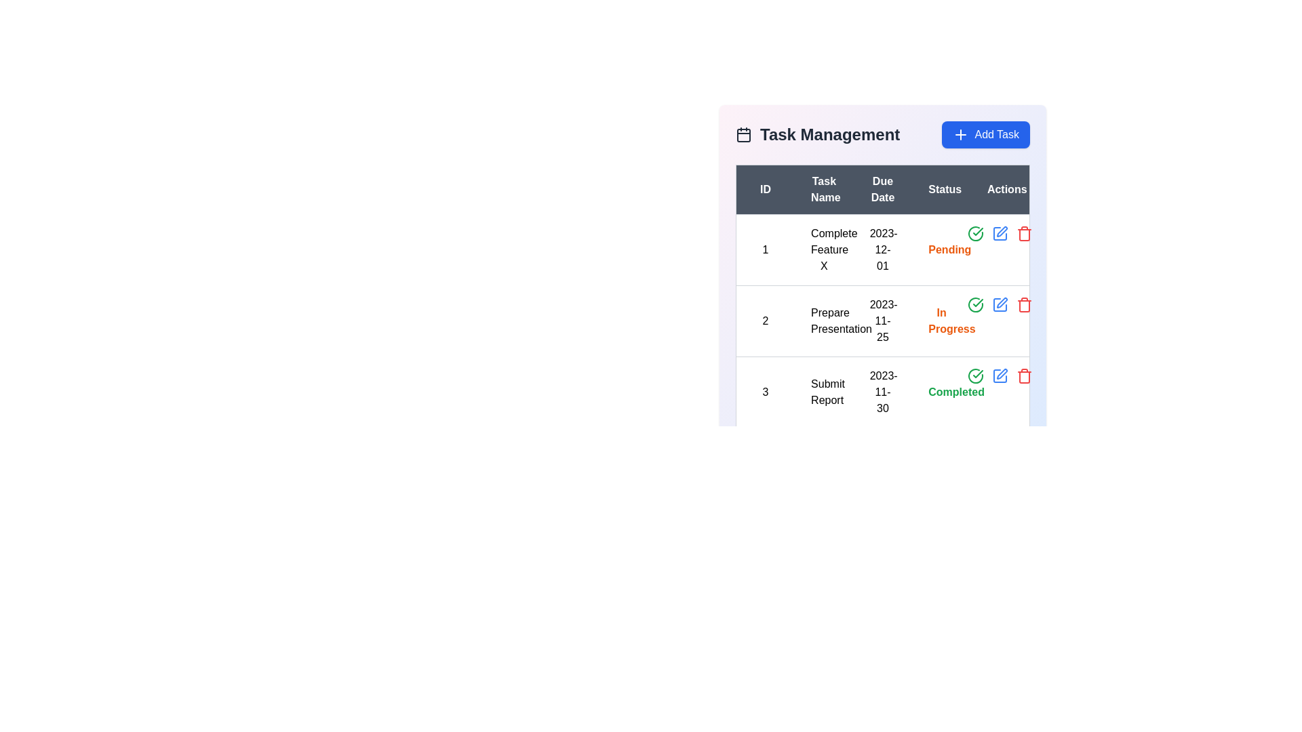  Describe the element at coordinates (882, 250) in the screenshot. I see `the first row in the task management table containing ID '1', task name 'Complete Feature X', due date '2023-12-01', and status 'Pending'` at that location.